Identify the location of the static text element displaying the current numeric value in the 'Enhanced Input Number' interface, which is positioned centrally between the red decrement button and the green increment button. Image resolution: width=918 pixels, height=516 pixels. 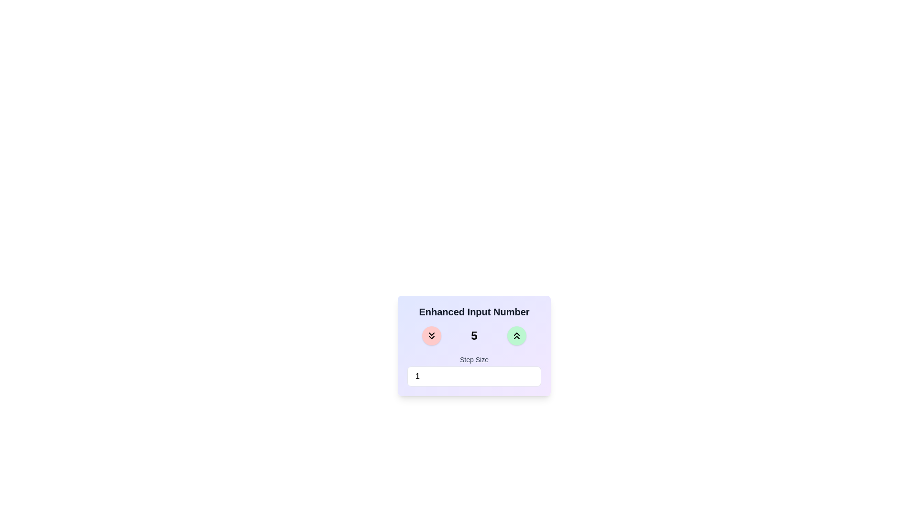
(474, 335).